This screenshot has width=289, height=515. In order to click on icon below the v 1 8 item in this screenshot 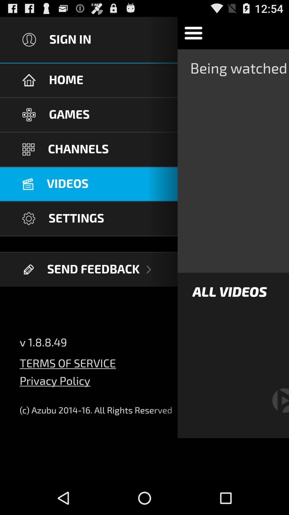, I will do `click(67, 360)`.